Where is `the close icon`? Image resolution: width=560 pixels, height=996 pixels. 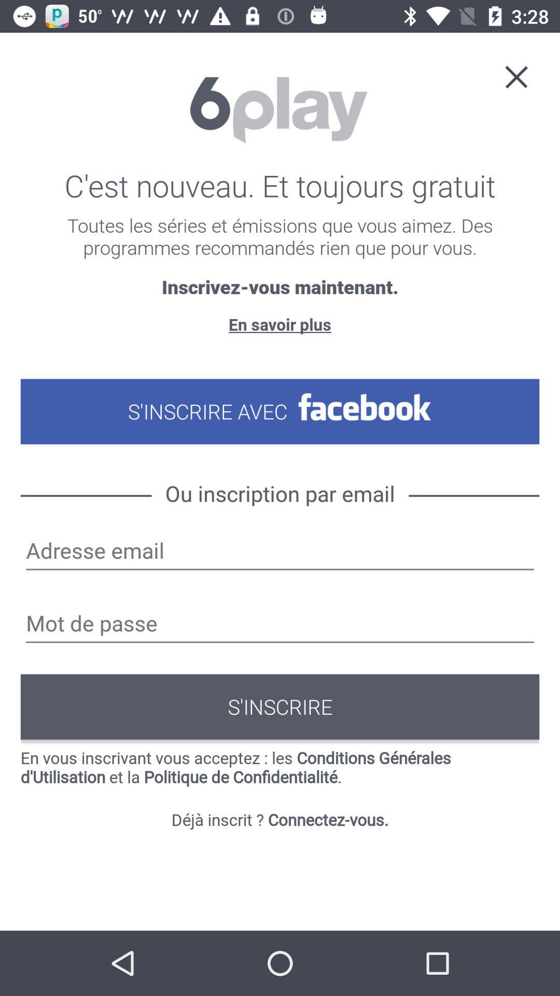 the close icon is located at coordinates (516, 76).